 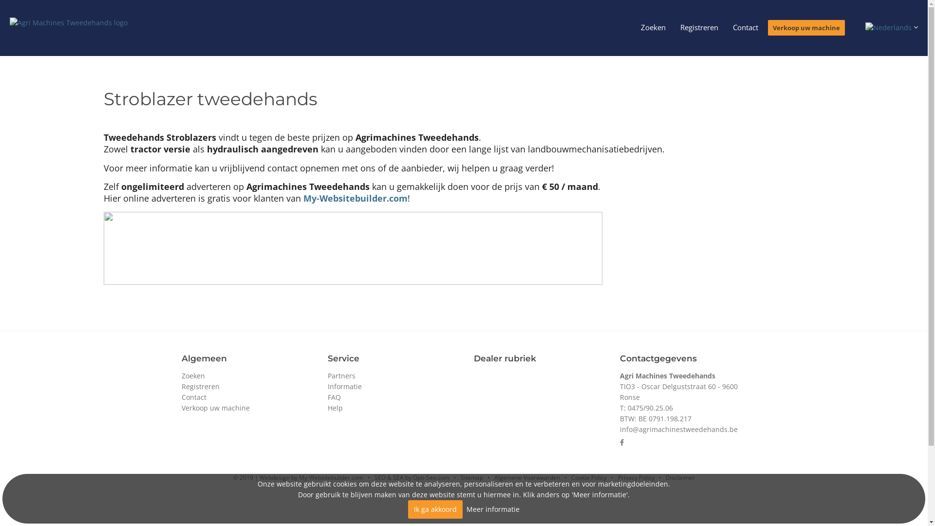 I want to click on '0475/90.25.06', so click(x=650, y=408).